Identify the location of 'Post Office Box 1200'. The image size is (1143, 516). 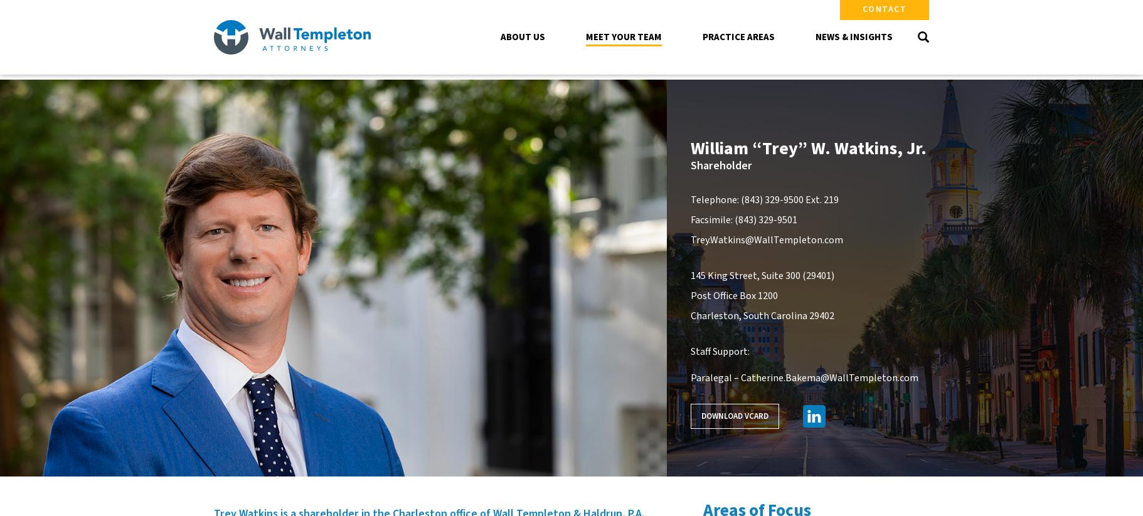
(733, 295).